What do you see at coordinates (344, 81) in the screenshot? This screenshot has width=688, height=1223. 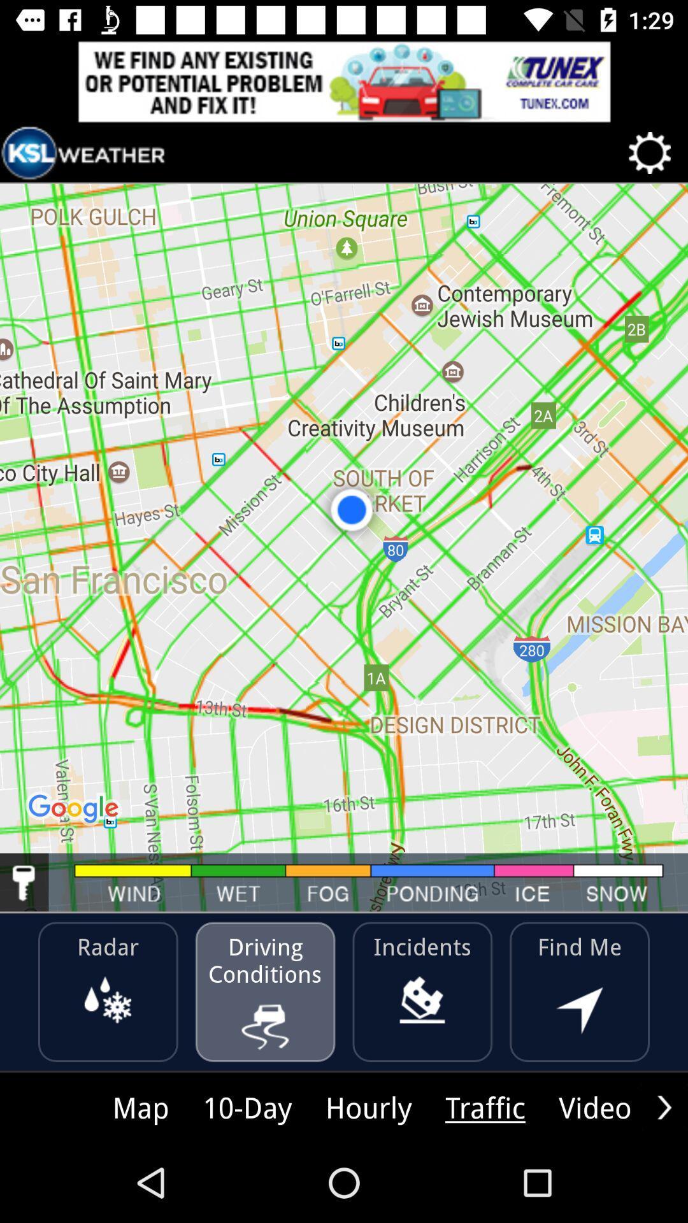 I see `advertisement` at bounding box center [344, 81].